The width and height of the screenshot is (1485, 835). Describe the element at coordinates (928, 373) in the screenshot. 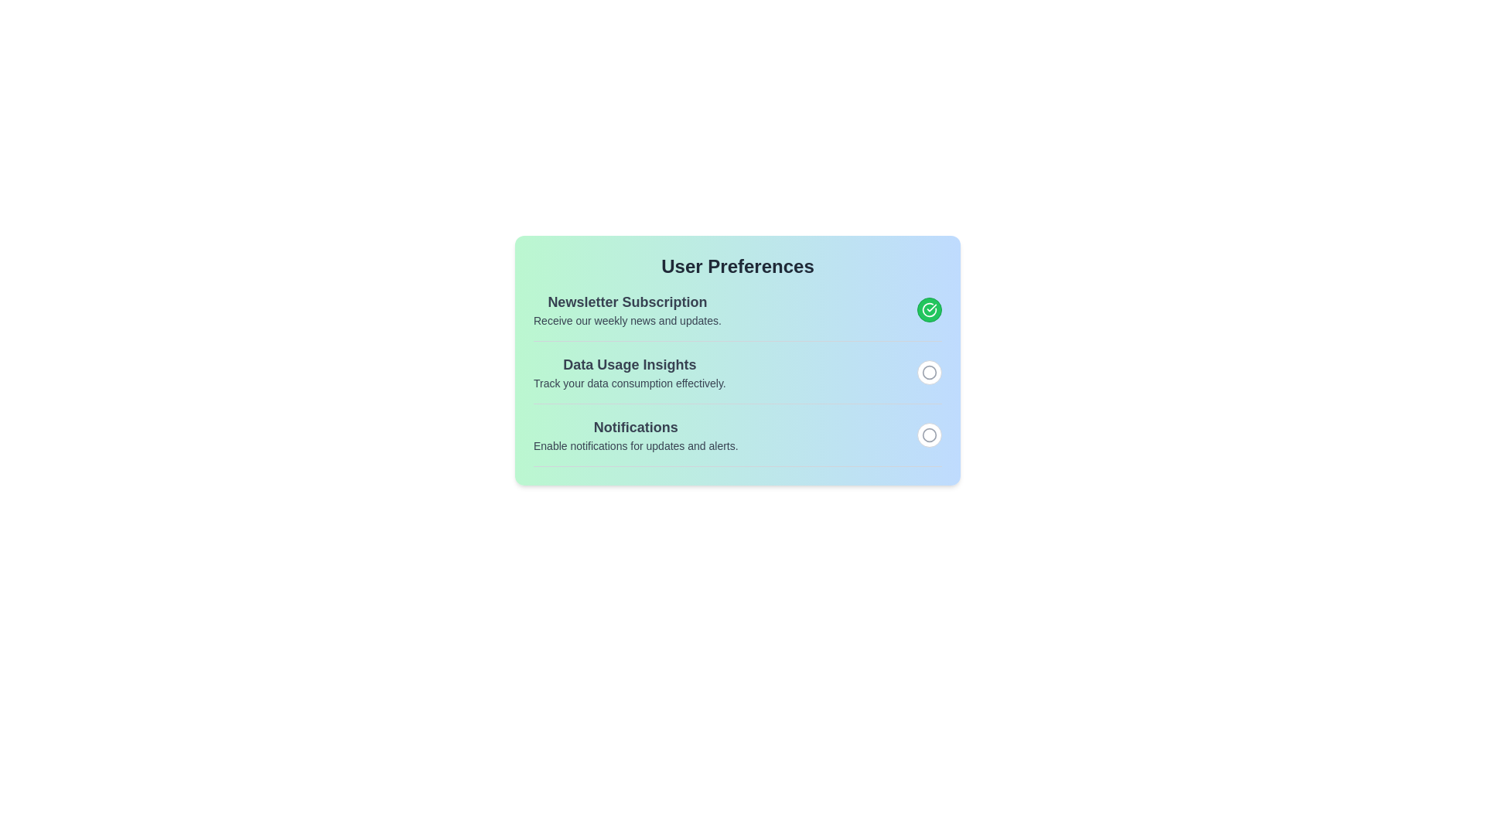

I see `the circular selectable option for notifications, located to the right of the 'Notifications' label in the preferences panel` at that location.